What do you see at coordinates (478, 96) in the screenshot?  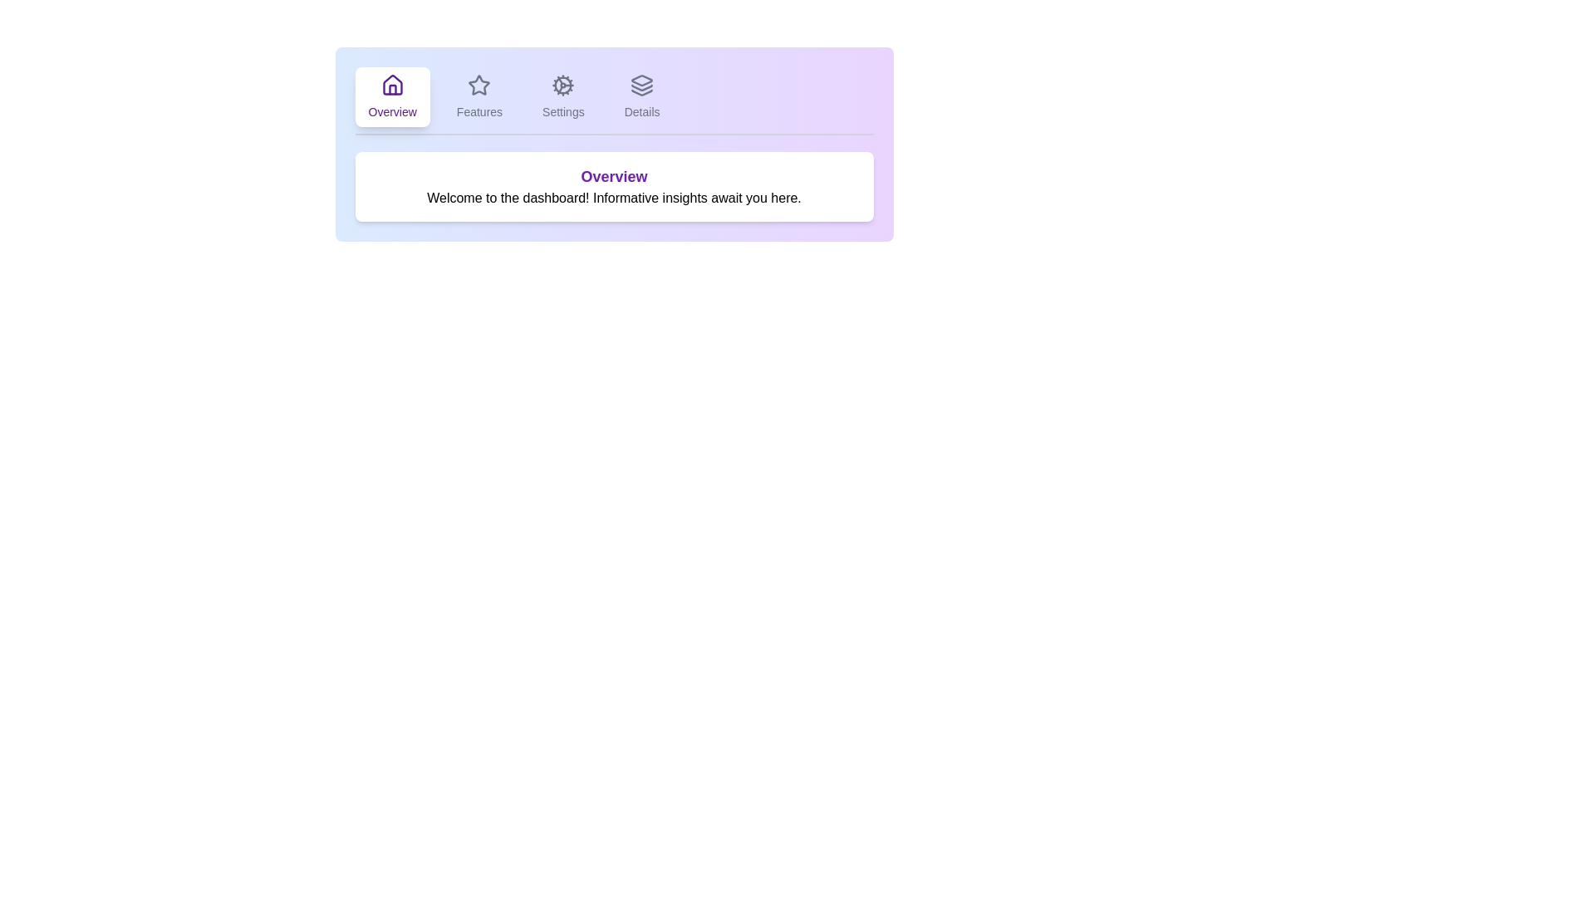 I see `the tab labeled Features` at bounding box center [478, 96].